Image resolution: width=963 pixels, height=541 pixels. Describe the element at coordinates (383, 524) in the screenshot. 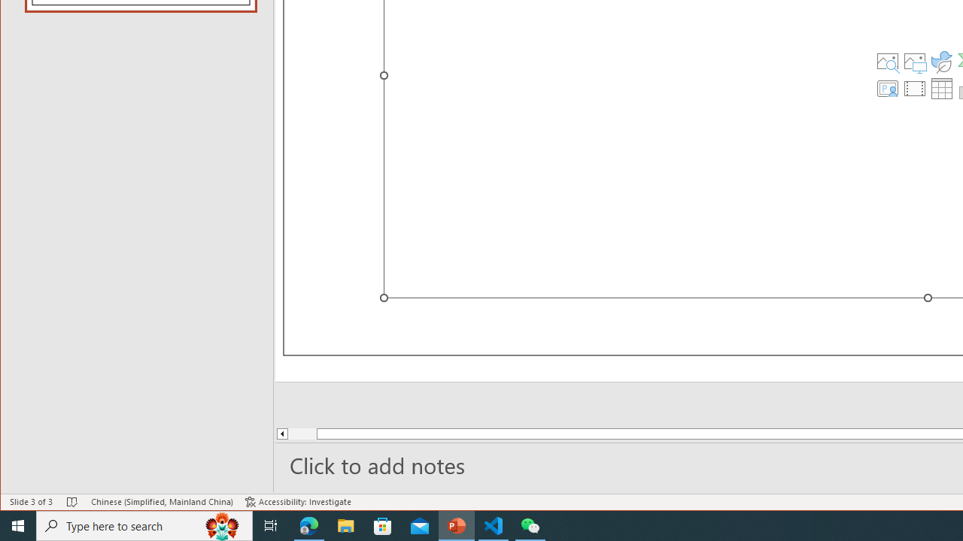

I see `'Microsoft Store'` at that location.